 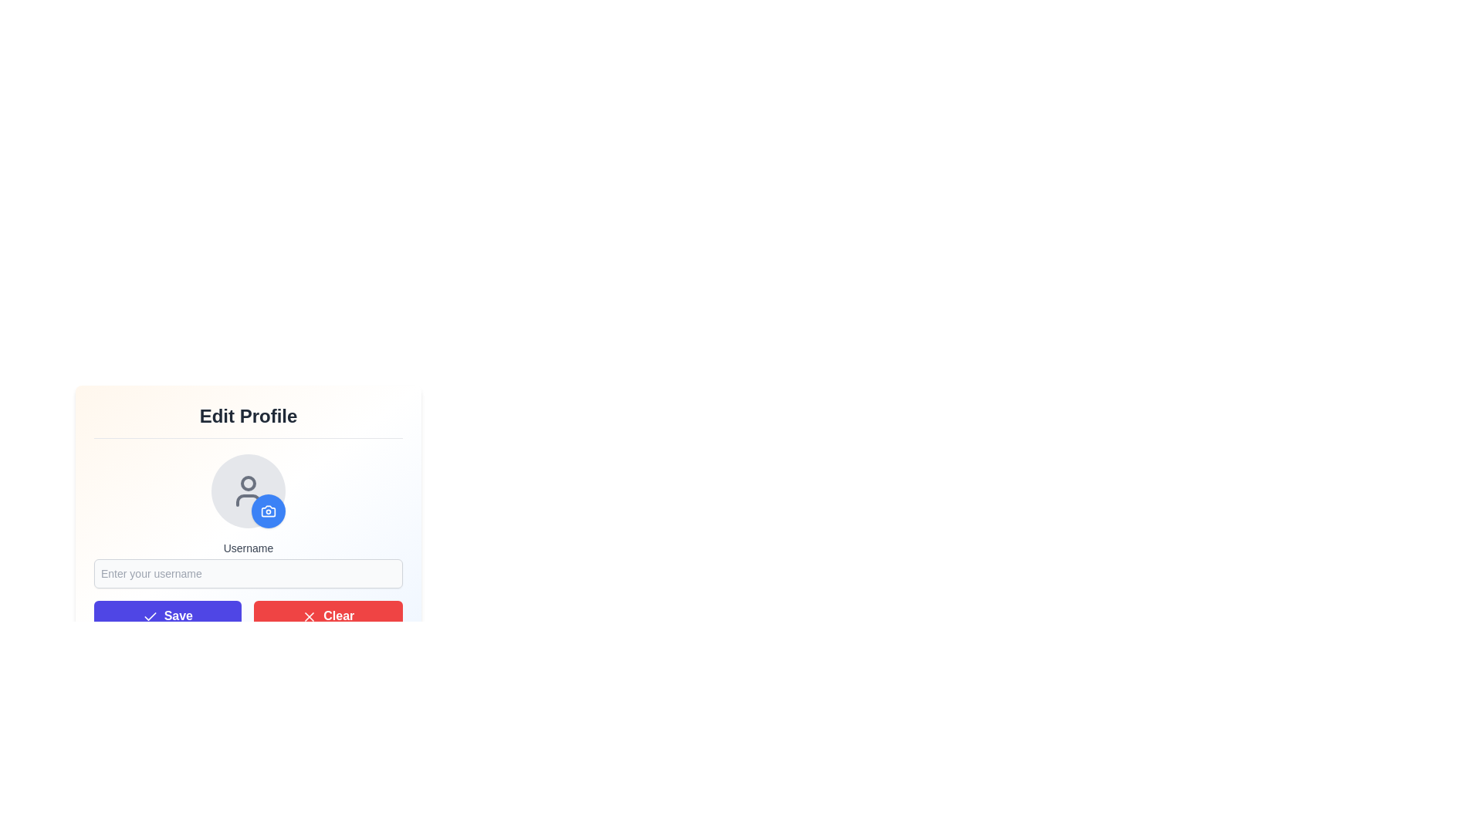 I want to click on the username text input field located below the 'Username' label in the user profile editing interface by pressing the tab key, so click(x=248, y=574).